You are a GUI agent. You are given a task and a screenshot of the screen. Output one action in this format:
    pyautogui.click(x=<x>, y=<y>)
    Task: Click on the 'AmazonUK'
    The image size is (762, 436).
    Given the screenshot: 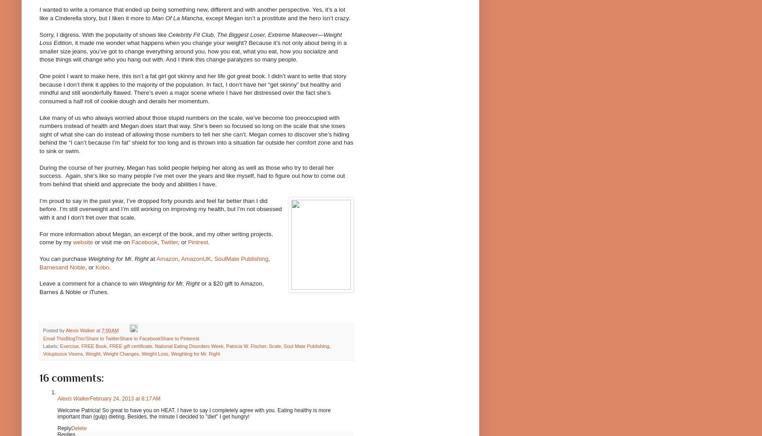 What is the action you would take?
    pyautogui.click(x=195, y=259)
    